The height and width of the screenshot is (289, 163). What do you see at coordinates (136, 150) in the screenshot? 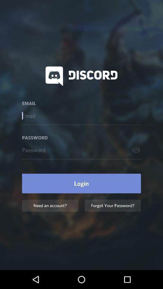
I see `the visibility icon` at bounding box center [136, 150].